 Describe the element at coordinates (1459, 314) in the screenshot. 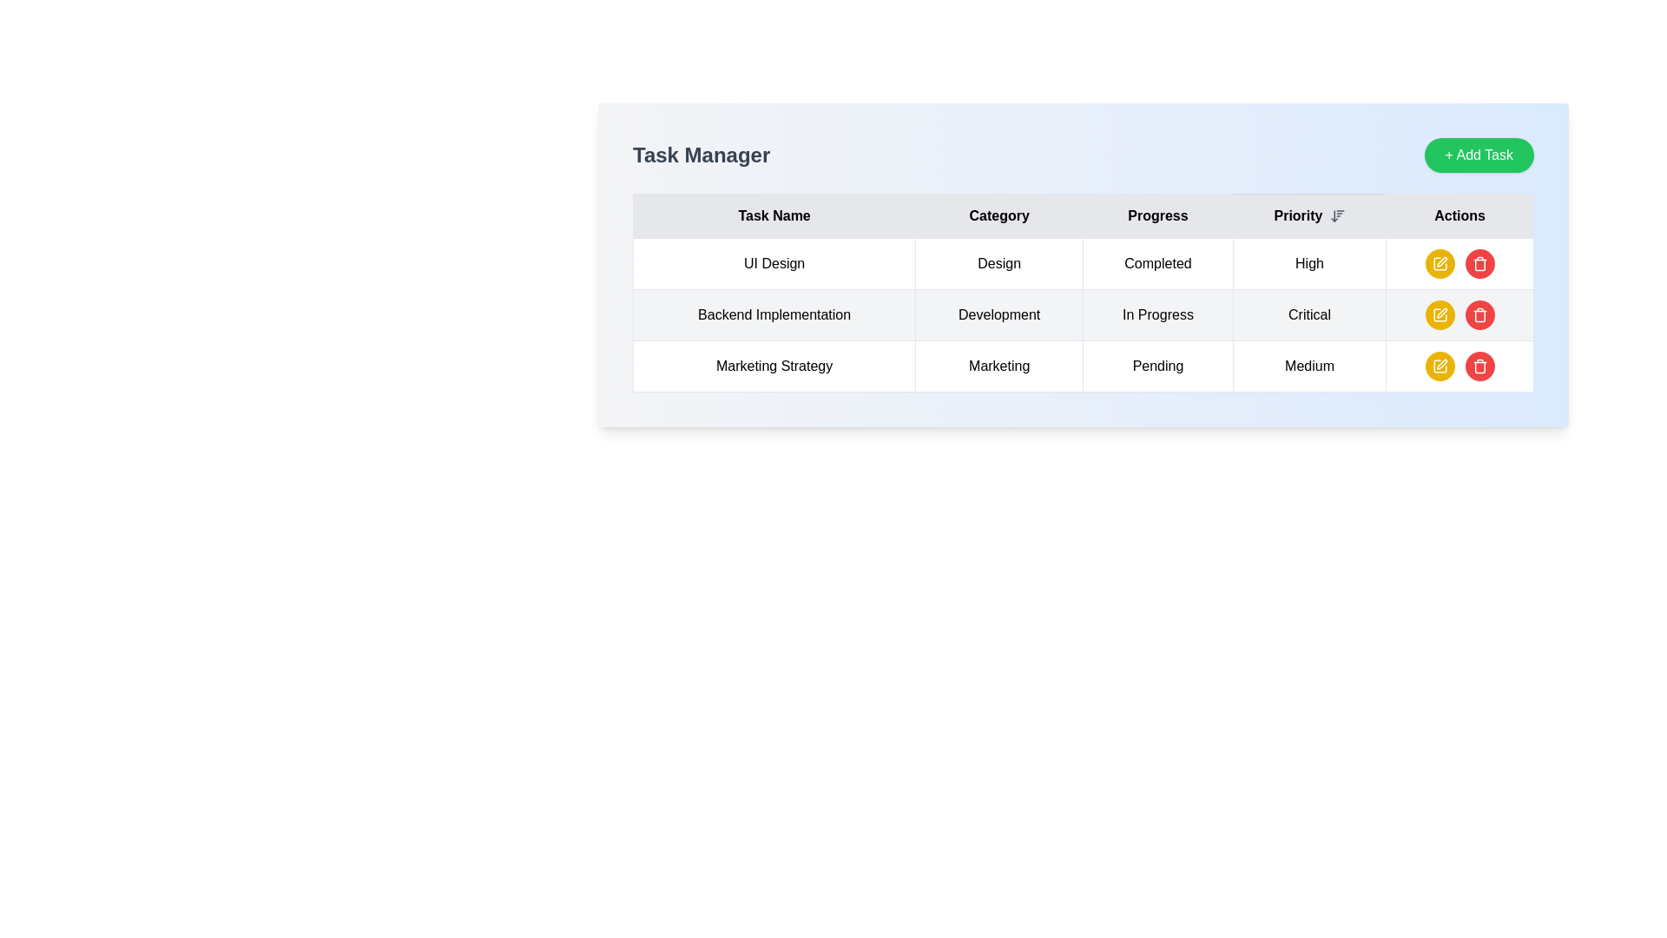

I see `the red circular button with a white trash icon in the 'Actions' column of the 'Task Manager' table` at that location.